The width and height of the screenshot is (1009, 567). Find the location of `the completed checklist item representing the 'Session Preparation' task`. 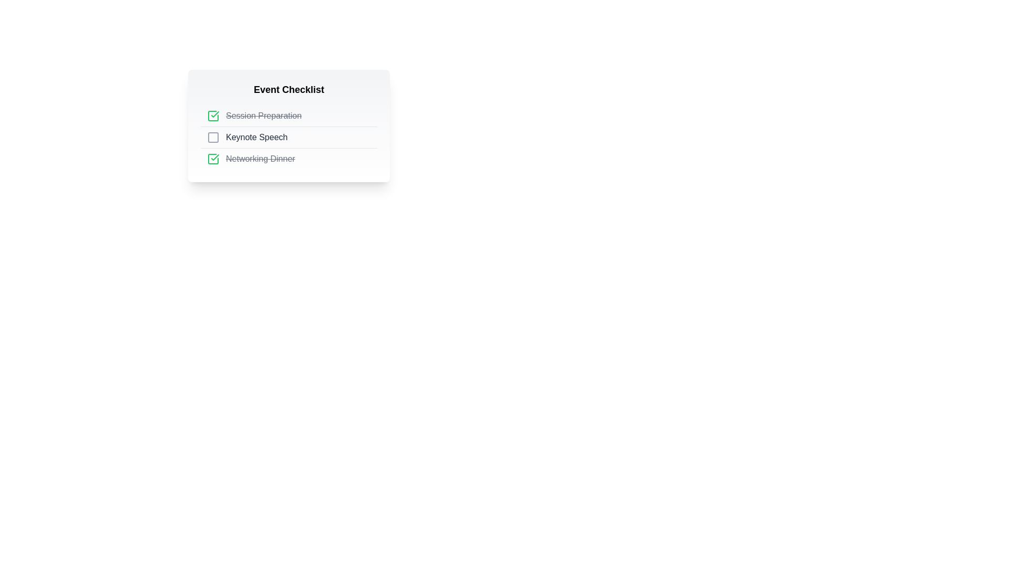

the completed checklist item representing the 'Session Preparation' task is located at coordinates (289, 115).